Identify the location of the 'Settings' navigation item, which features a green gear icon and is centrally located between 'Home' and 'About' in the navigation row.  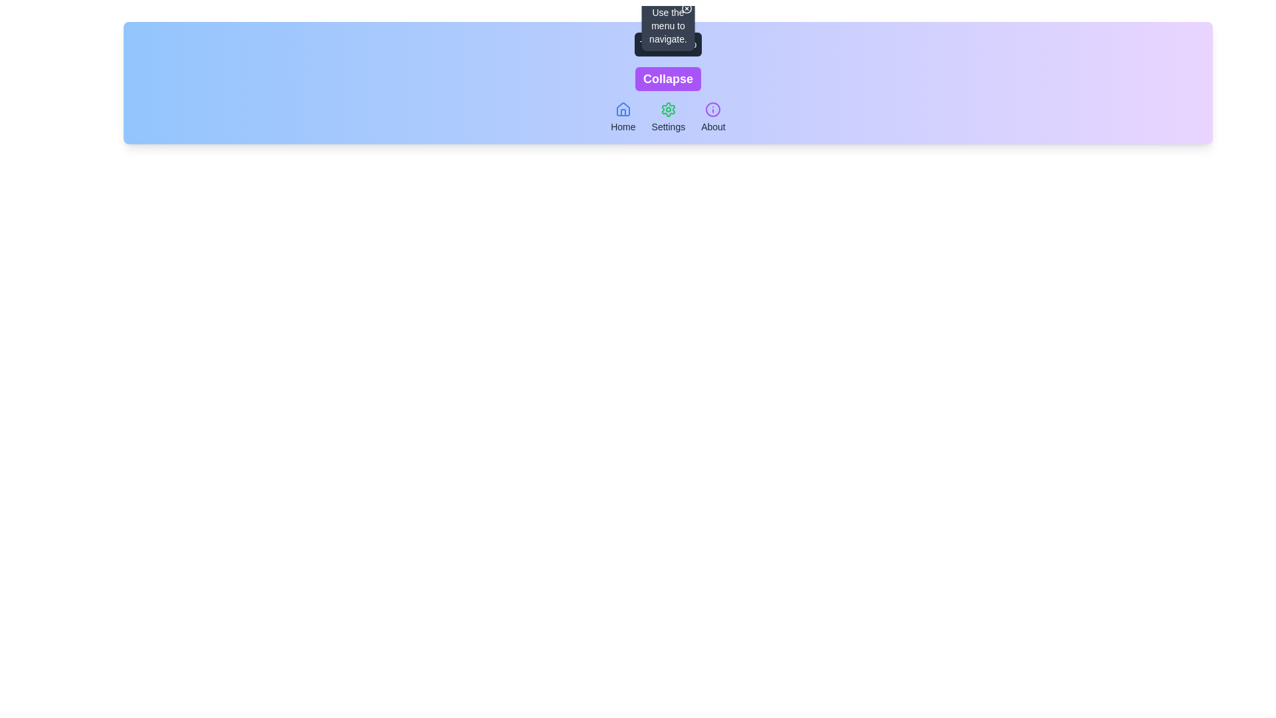
(668, 117).